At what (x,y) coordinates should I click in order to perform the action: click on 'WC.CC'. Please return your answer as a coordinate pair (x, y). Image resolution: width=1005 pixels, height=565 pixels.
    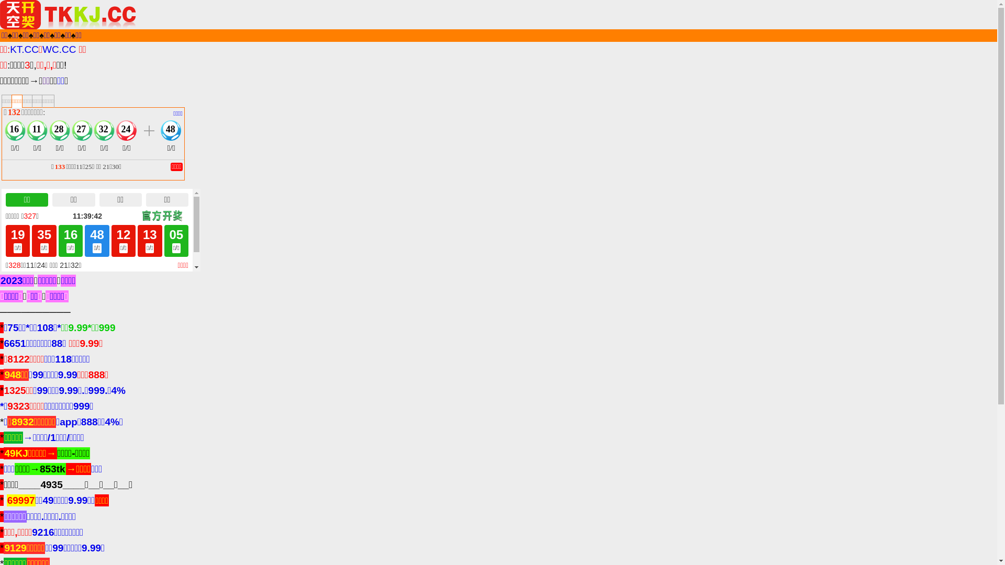
    Looking at the image, I should click on (59, 49).